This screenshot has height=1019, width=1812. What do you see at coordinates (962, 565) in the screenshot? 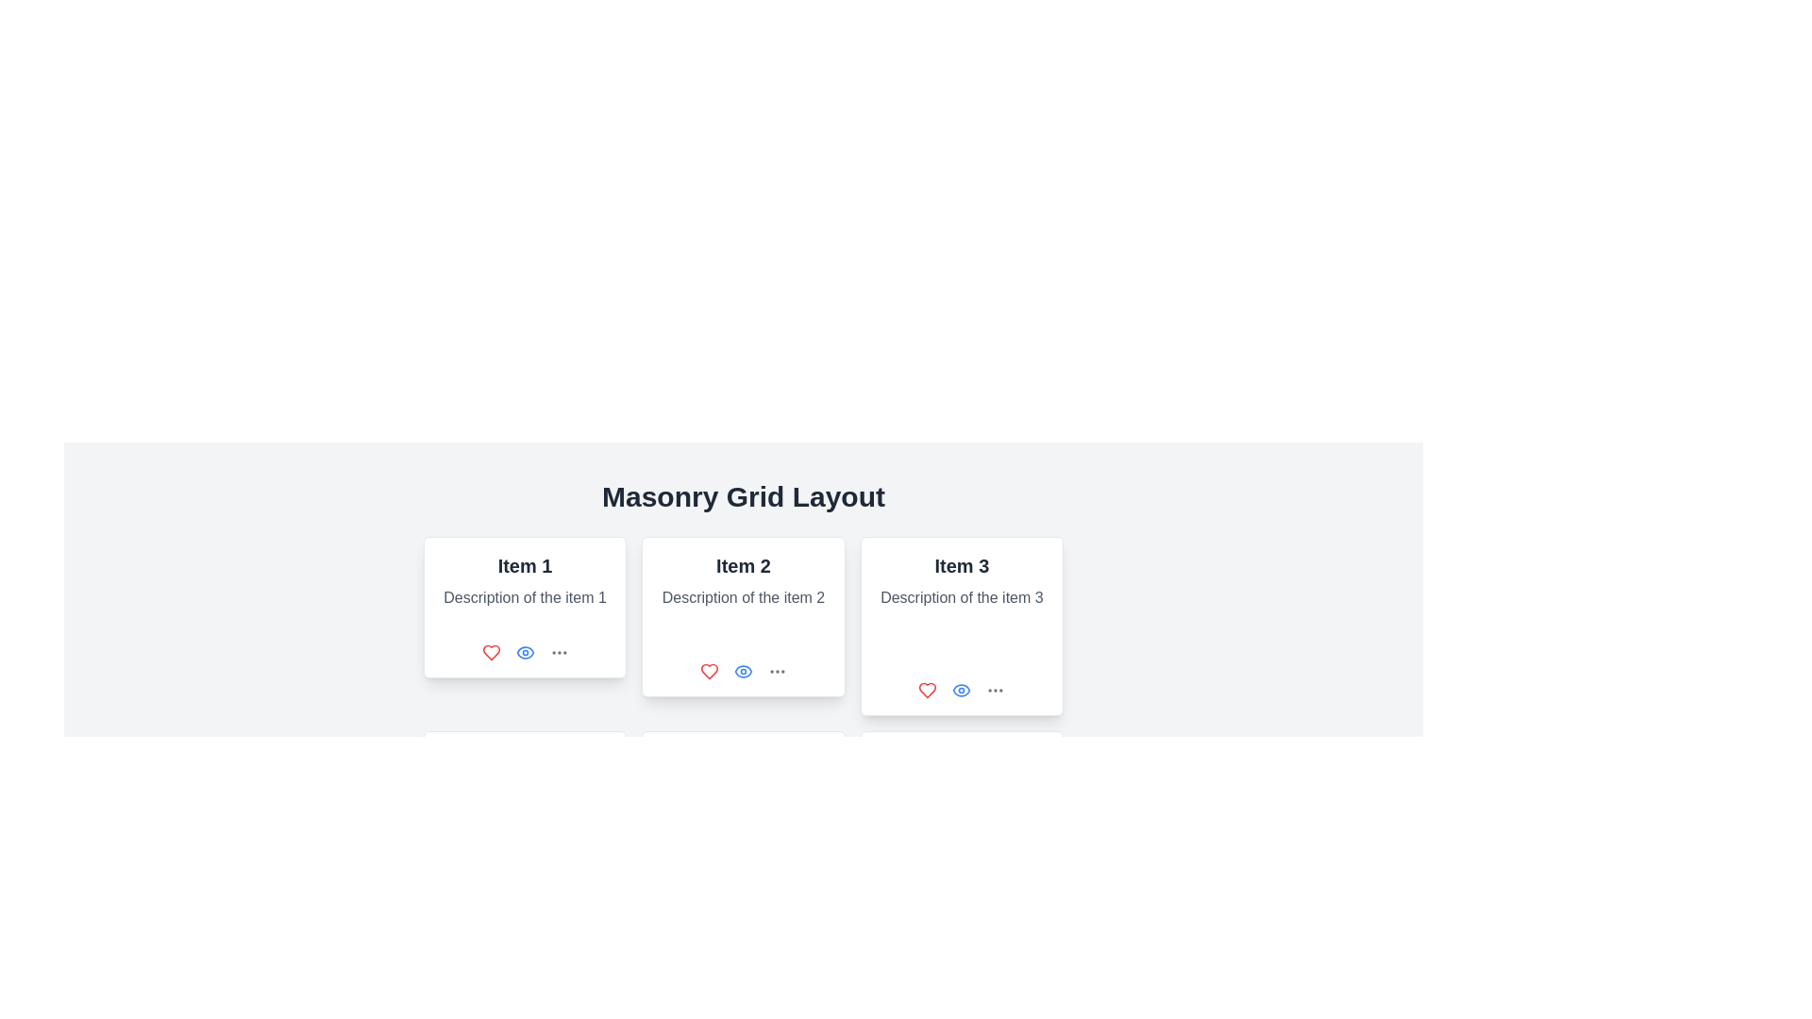
I see `the text label or heading in the third card of the horizontally aligned grid` at bounding box center [962, 565].